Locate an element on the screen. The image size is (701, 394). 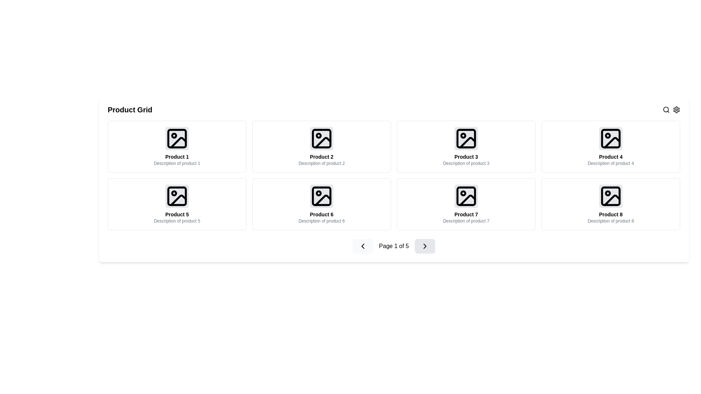
text label that displays 'Description of product 6', located at the bottom of the sixth product card in the grid is located at coordinates (321, 220).